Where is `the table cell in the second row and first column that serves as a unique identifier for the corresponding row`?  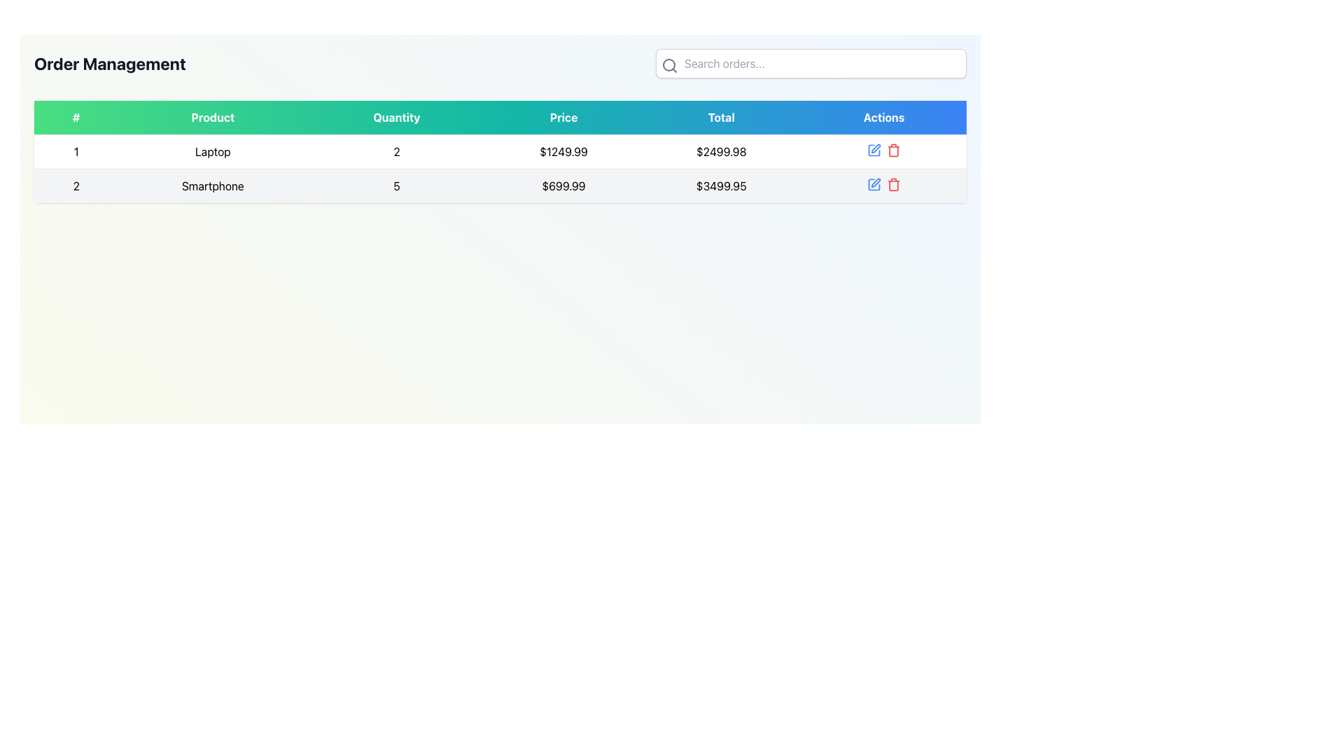 the table cell in the second row and first column that serves as a unique identifier for the corresponding row is located at coordinates (76, 185).